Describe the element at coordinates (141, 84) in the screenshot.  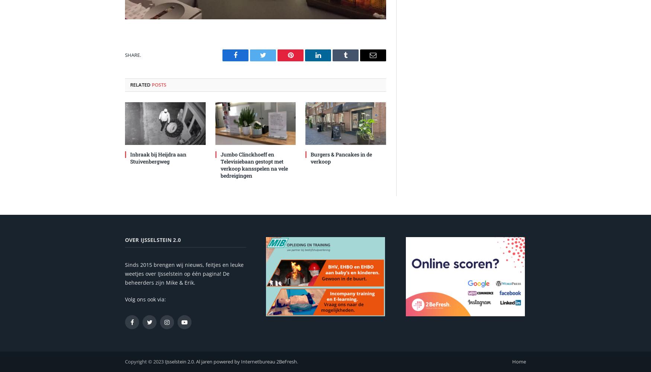
I see `'Related'` at that location.